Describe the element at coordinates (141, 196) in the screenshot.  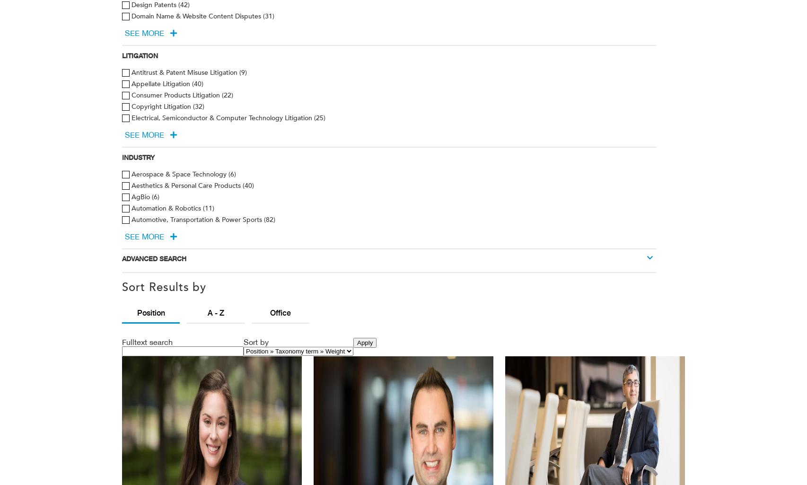
I see `'AgBio'` at that location.